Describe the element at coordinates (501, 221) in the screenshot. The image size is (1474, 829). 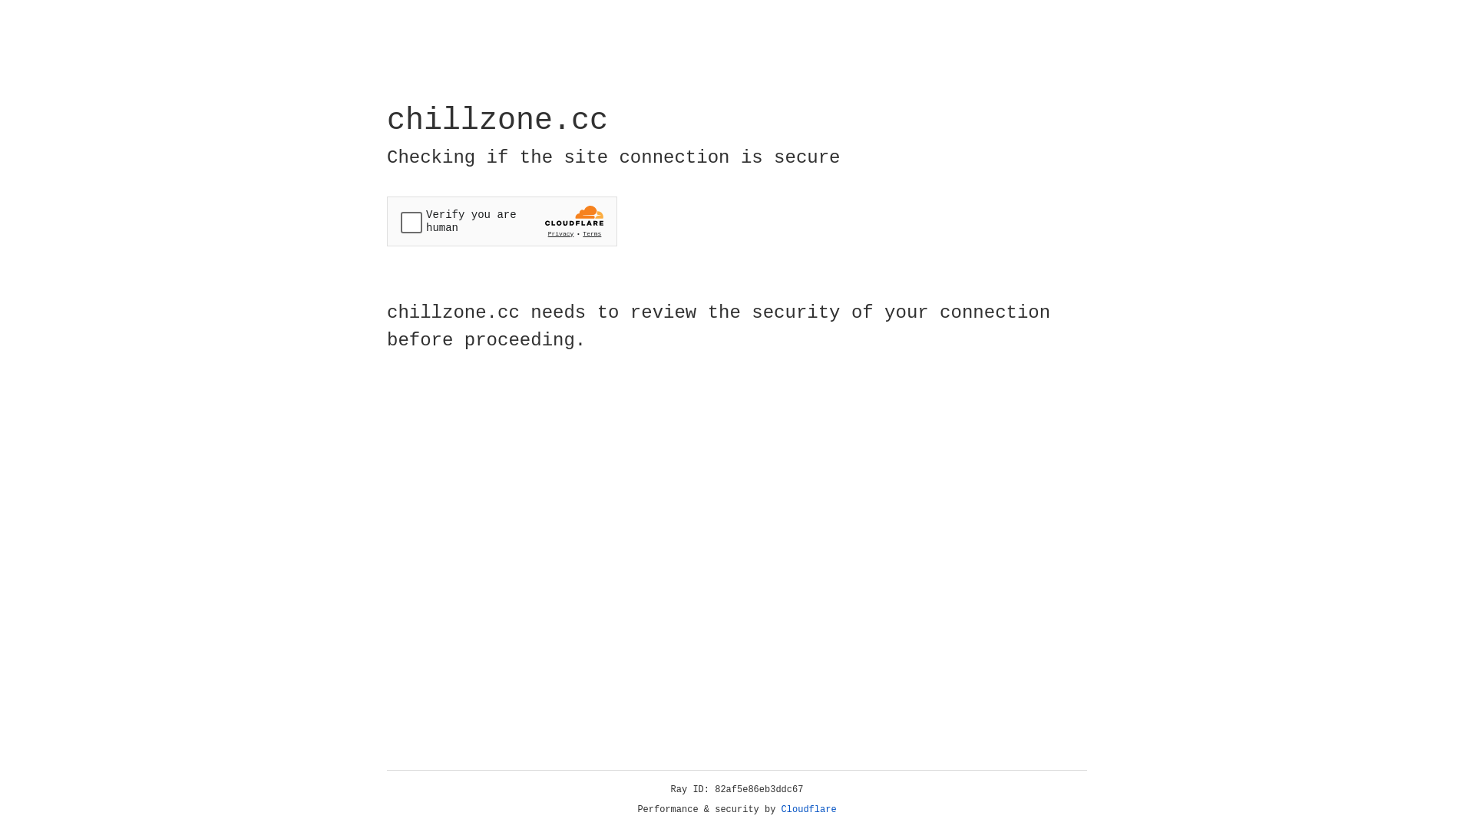
I see `'Widget containing a Cloudflare security challenge'` at that location.